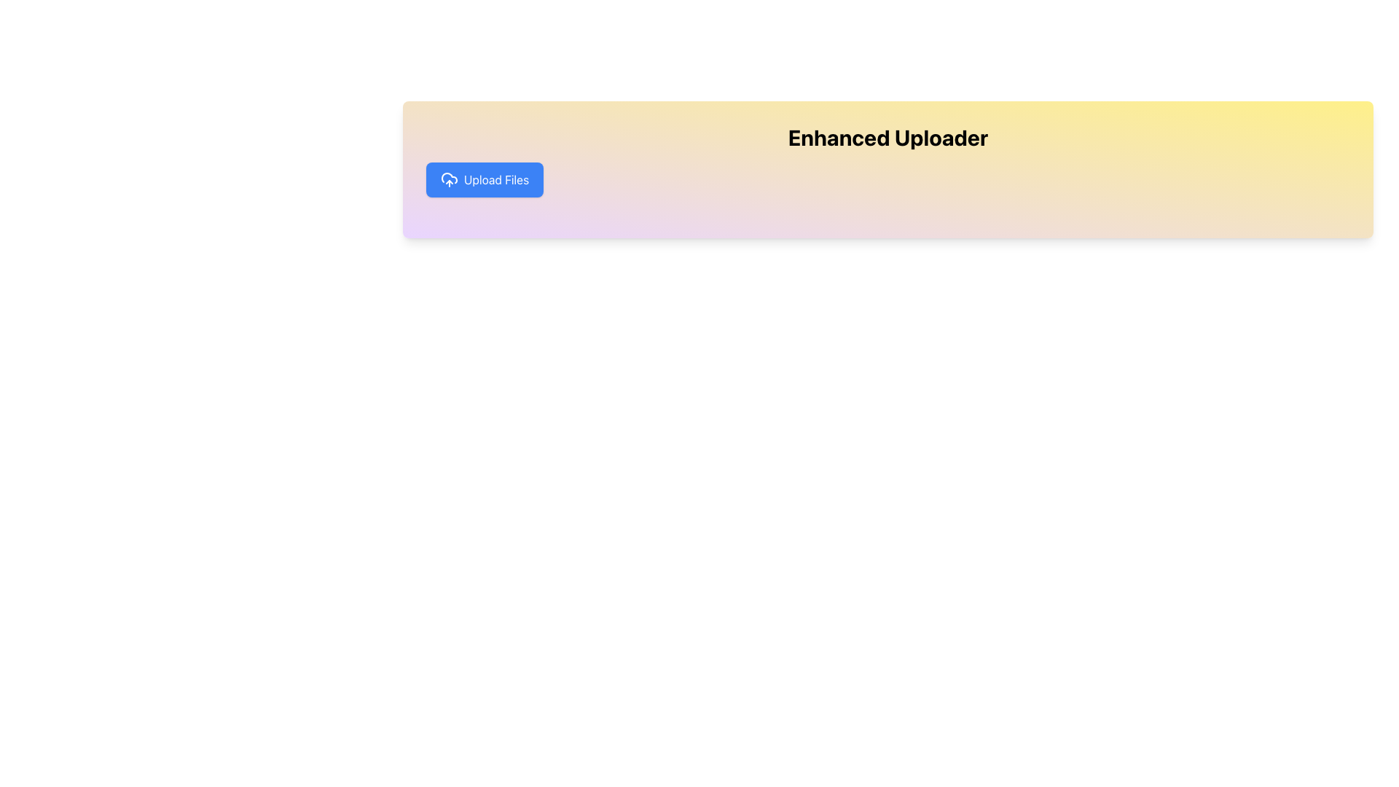 Image resolution: width=1399 pixels, height=787 pixels. I want to click on the file upload button located in the top-left corner of the upload interface, slightly below the 'Enhanced Uploader' text, so click(485, 179).